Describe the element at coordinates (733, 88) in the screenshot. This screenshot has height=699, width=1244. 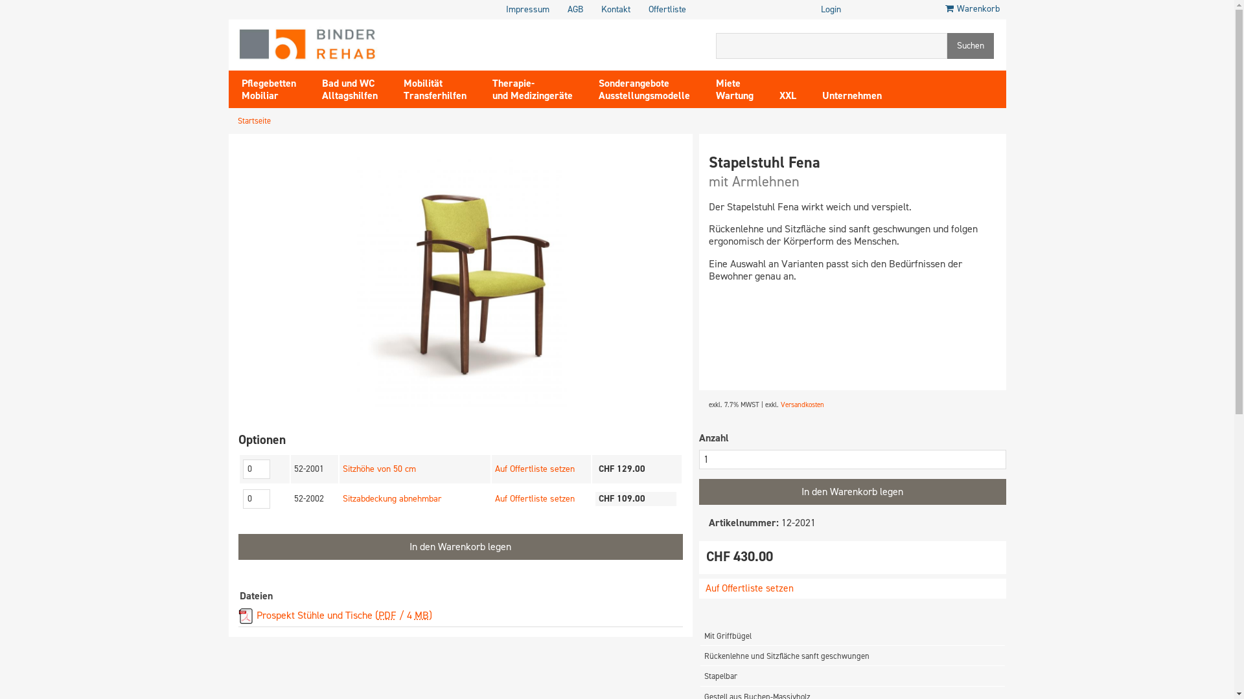
I see `'Miete` at that location.